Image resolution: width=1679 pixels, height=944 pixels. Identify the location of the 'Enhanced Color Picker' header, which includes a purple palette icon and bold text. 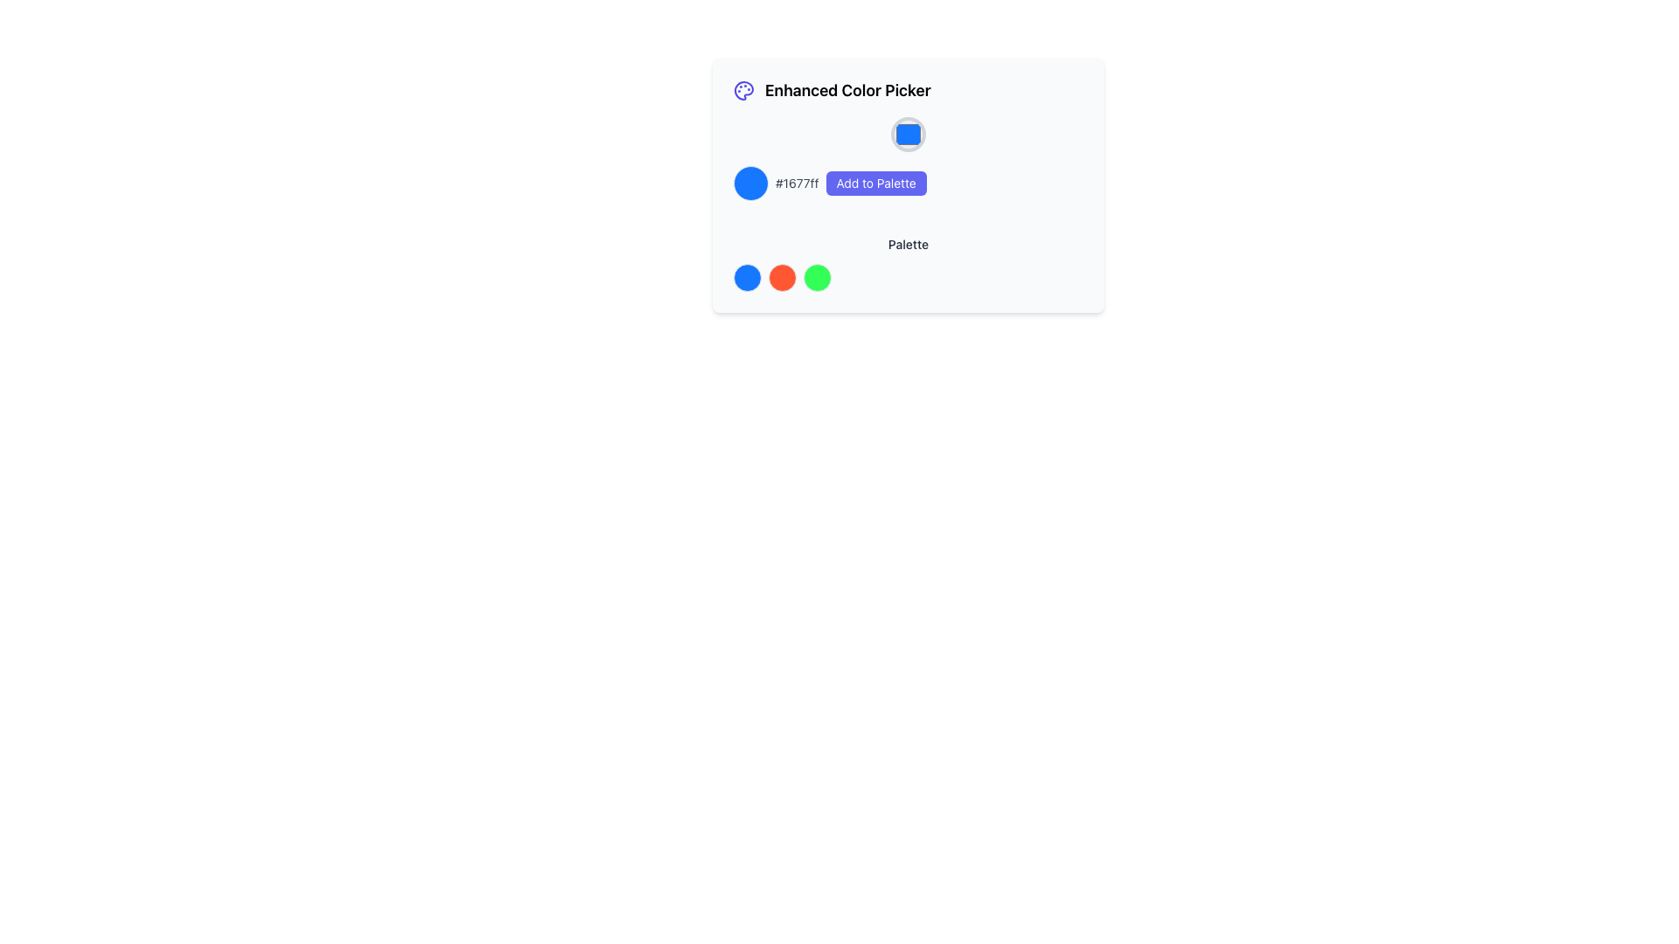
(908, 91).